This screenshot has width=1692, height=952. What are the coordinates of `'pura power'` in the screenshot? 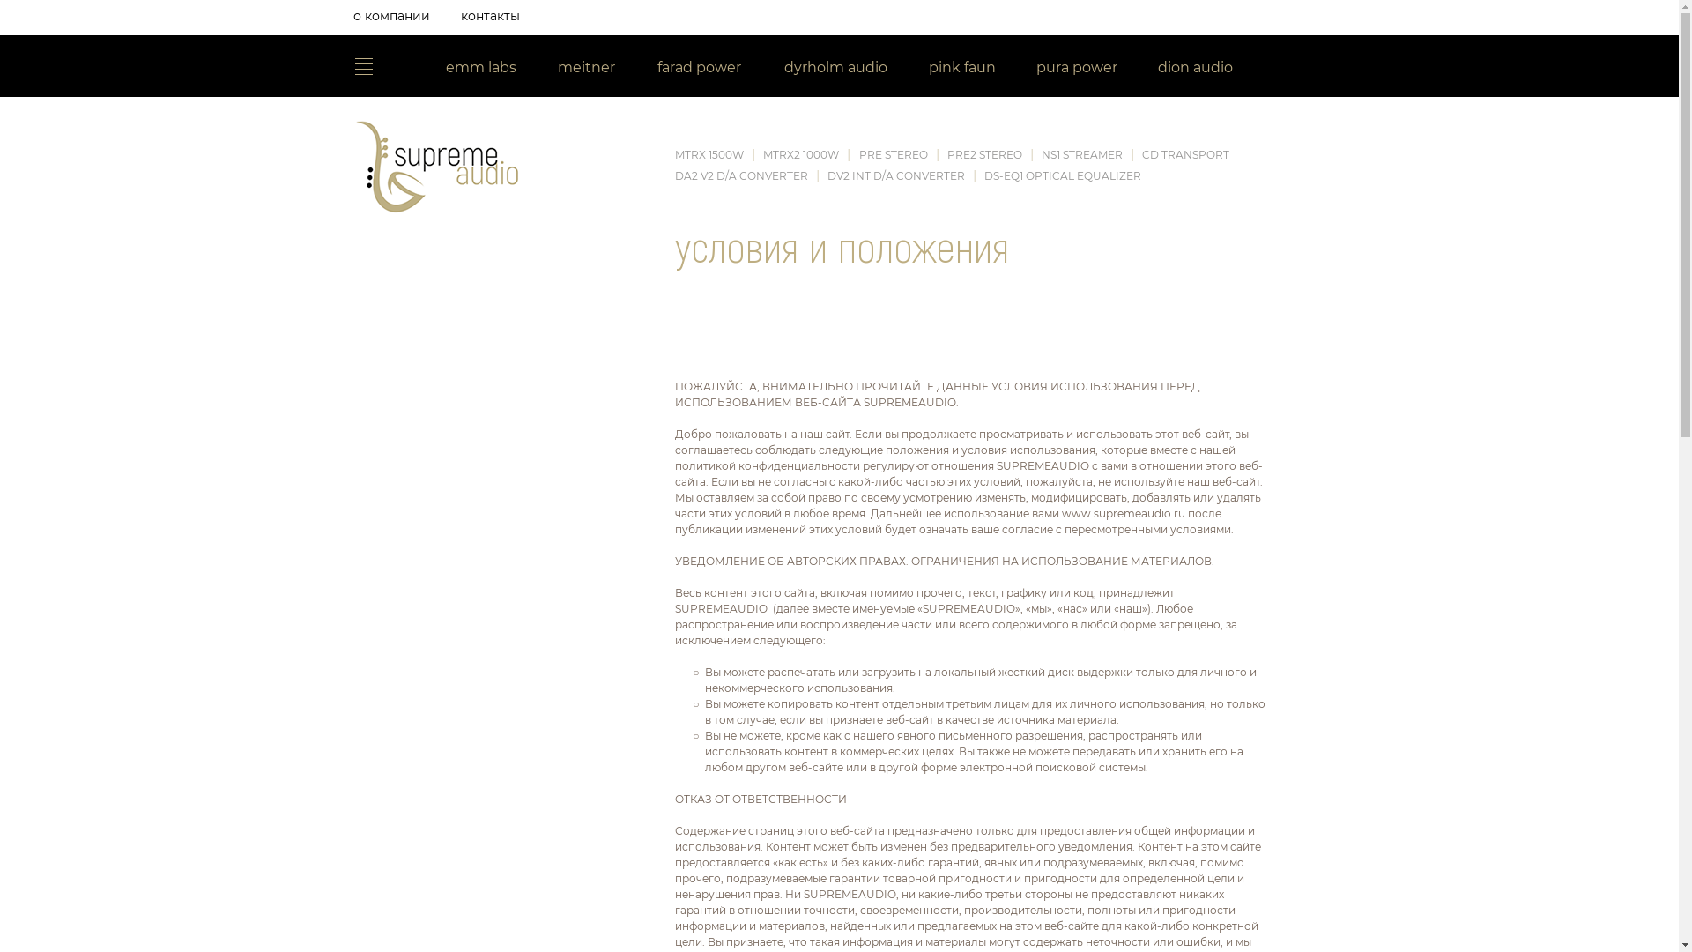 It's located at (1076, 68).